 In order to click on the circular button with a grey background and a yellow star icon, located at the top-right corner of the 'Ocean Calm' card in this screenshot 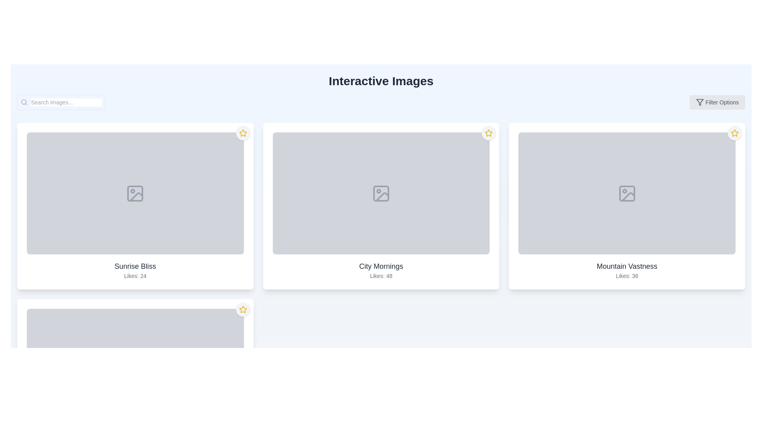, I will do `click(242, 309)`.